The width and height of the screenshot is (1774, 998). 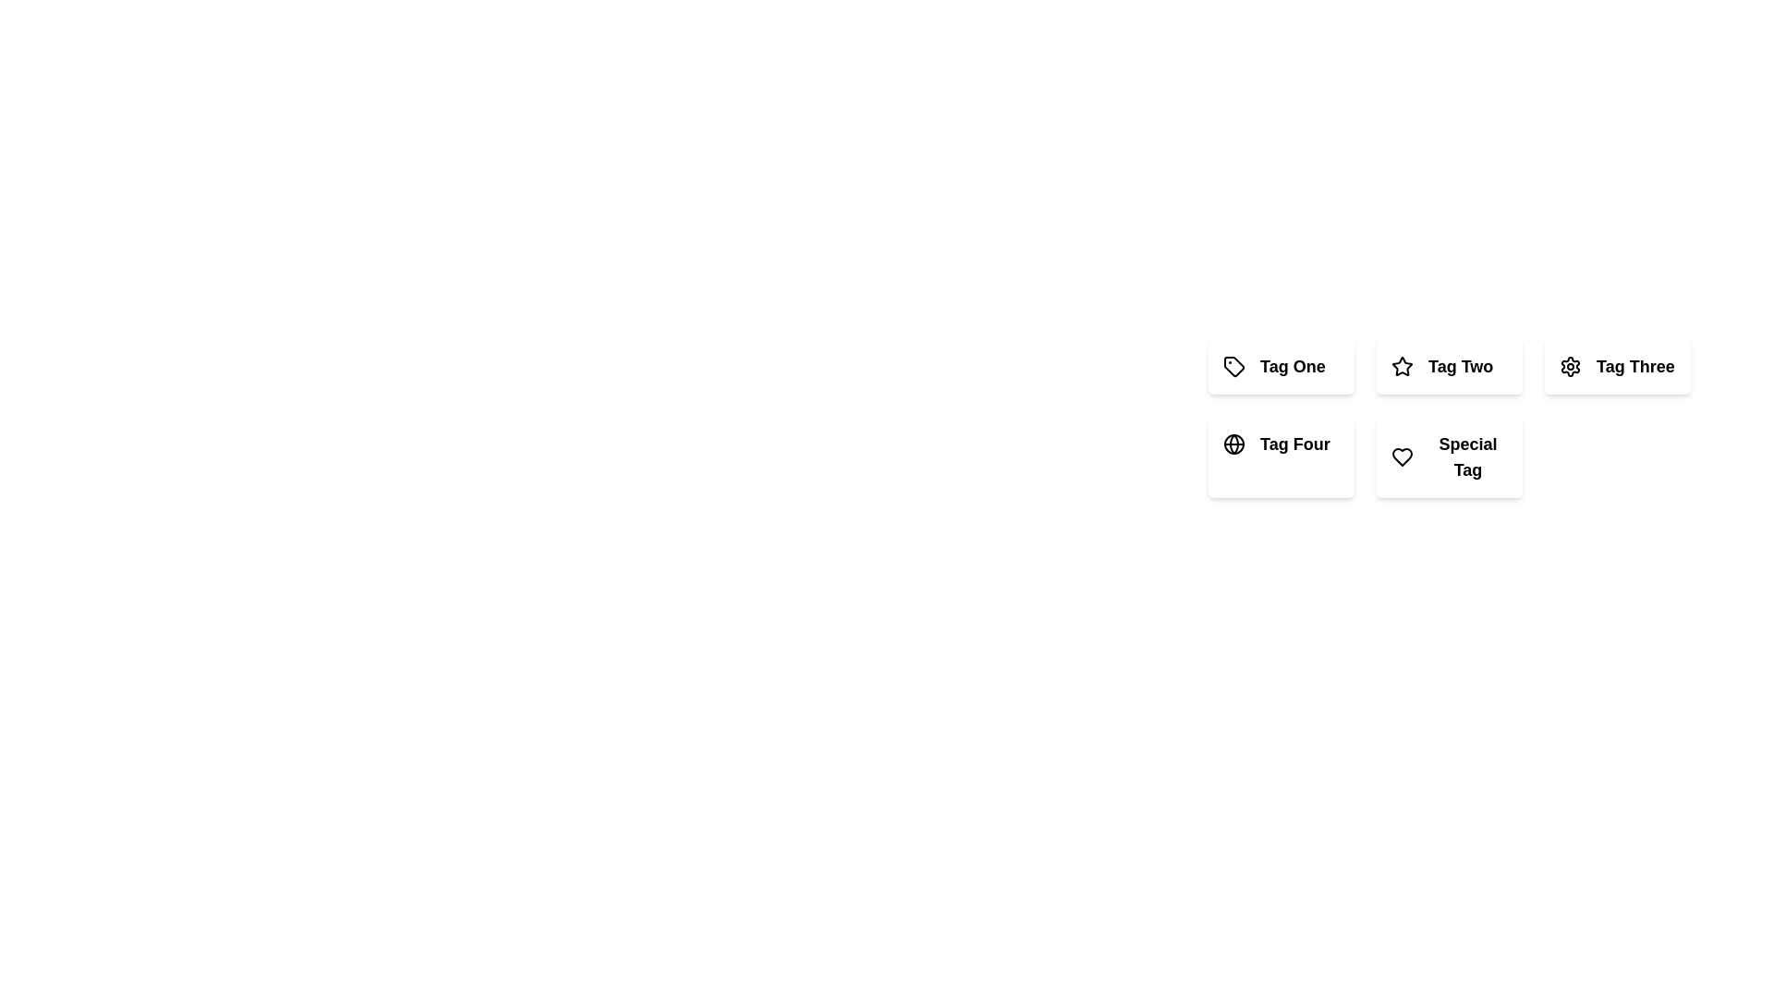 I want to click on the 'Special Tag' button located at the bottom right of the grid, positioned below 'Tag Two' and next to 'Tag Four', so click(x=1449, y=456).